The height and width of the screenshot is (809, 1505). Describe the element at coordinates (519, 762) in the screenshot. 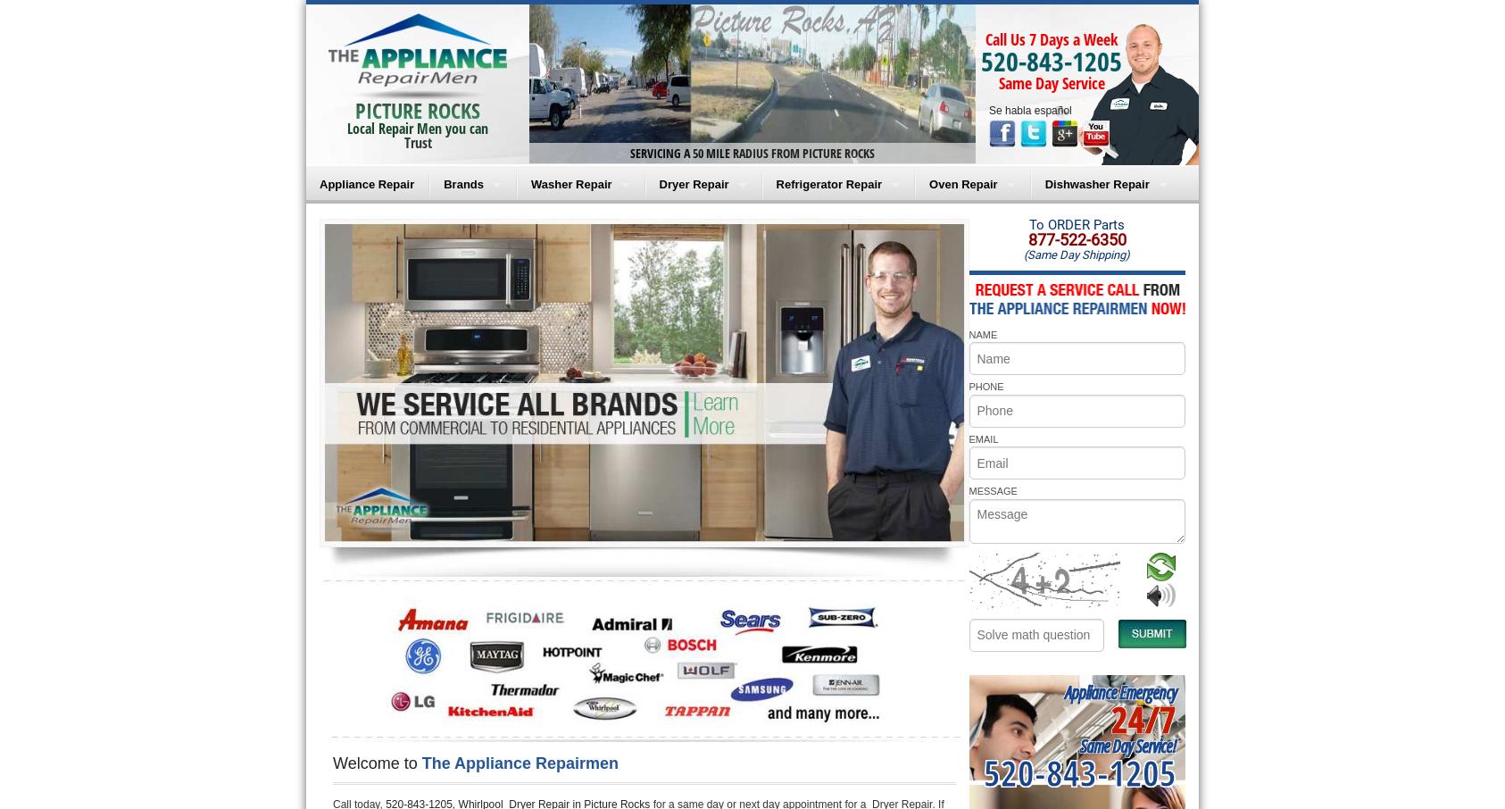

I see `'The Appliance Repairmen'` at that location.